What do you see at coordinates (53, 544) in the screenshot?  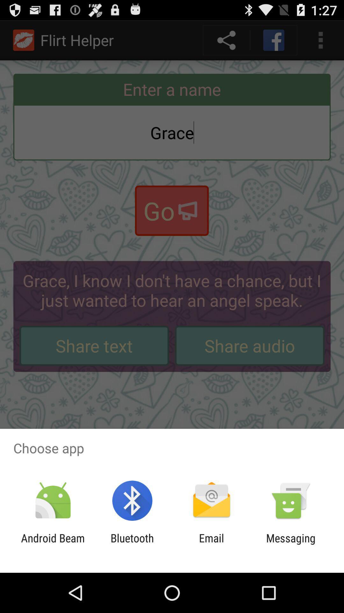 I see `the item next to the bluetooth app` at bounding box center [53, 544].